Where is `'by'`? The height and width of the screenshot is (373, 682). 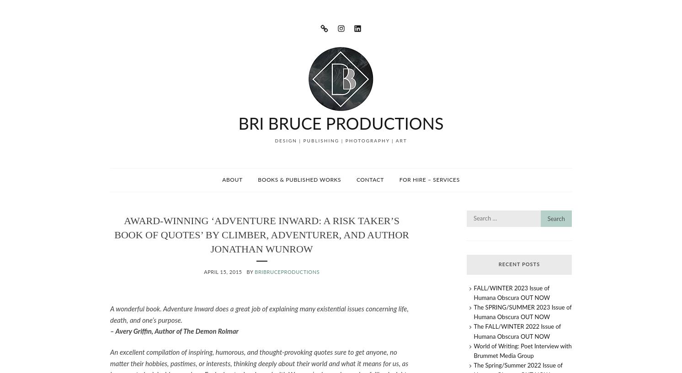 'by' is located at coordinates (250, 272).